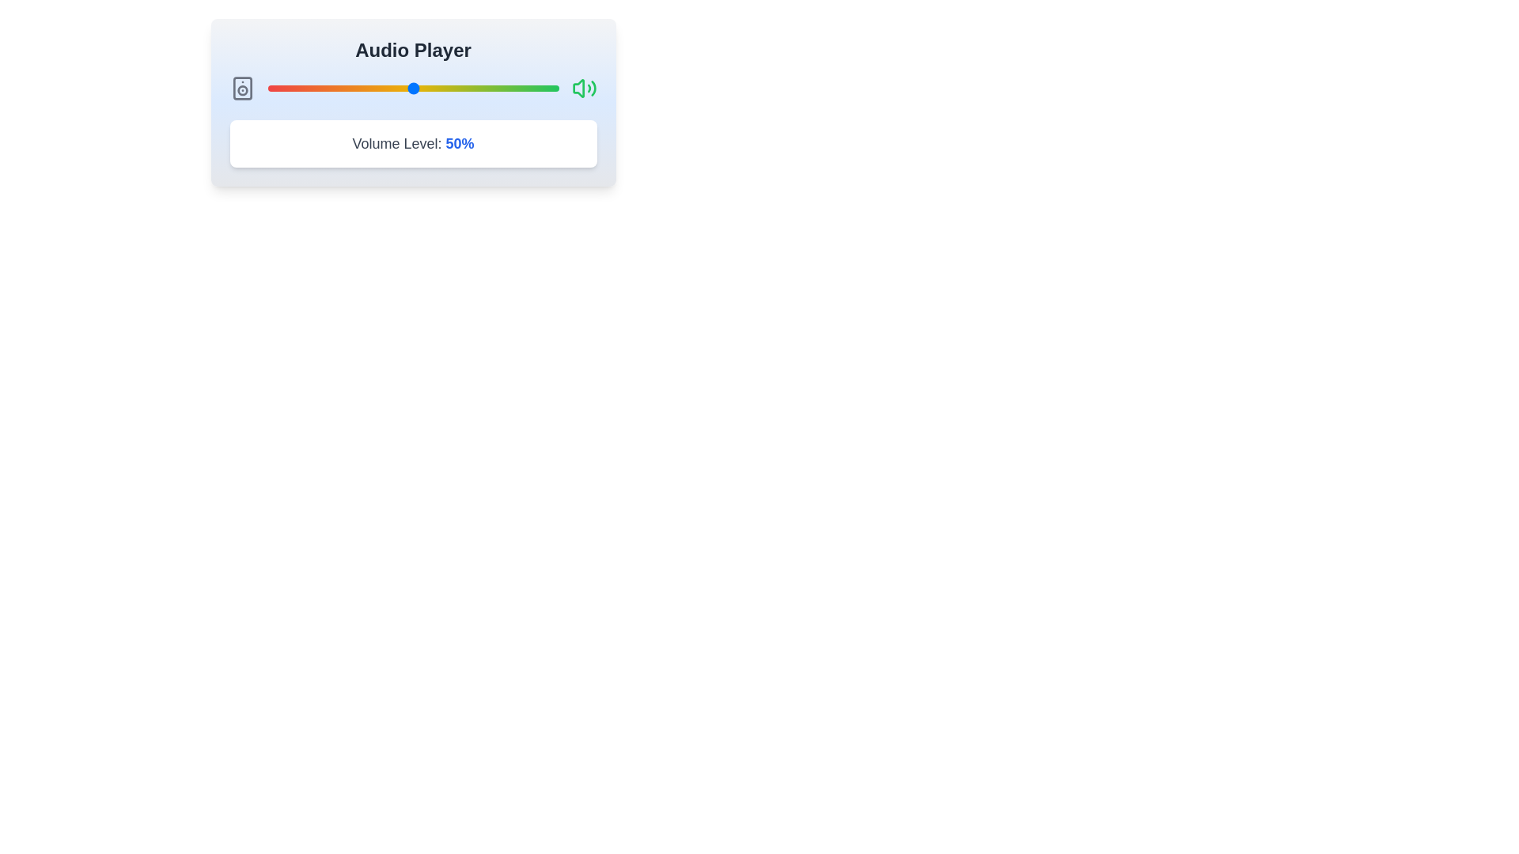  Describe the element at coordinates (456, 88) in the screenshot. I see `the volume slider to 65% by dragging the slider` at that location.